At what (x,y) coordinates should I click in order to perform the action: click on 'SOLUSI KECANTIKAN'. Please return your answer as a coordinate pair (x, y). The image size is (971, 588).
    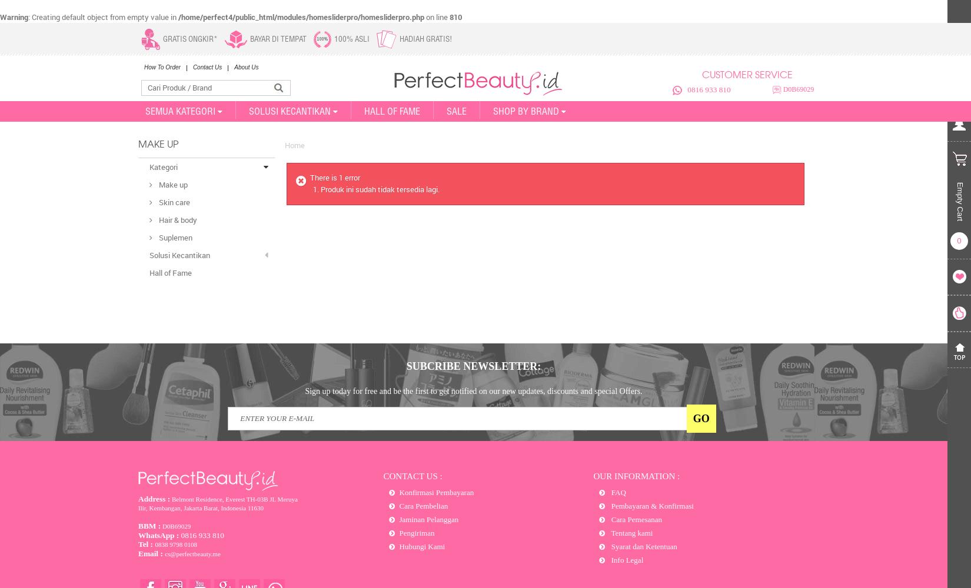
    Looking at the image, I should click on (289, 111).